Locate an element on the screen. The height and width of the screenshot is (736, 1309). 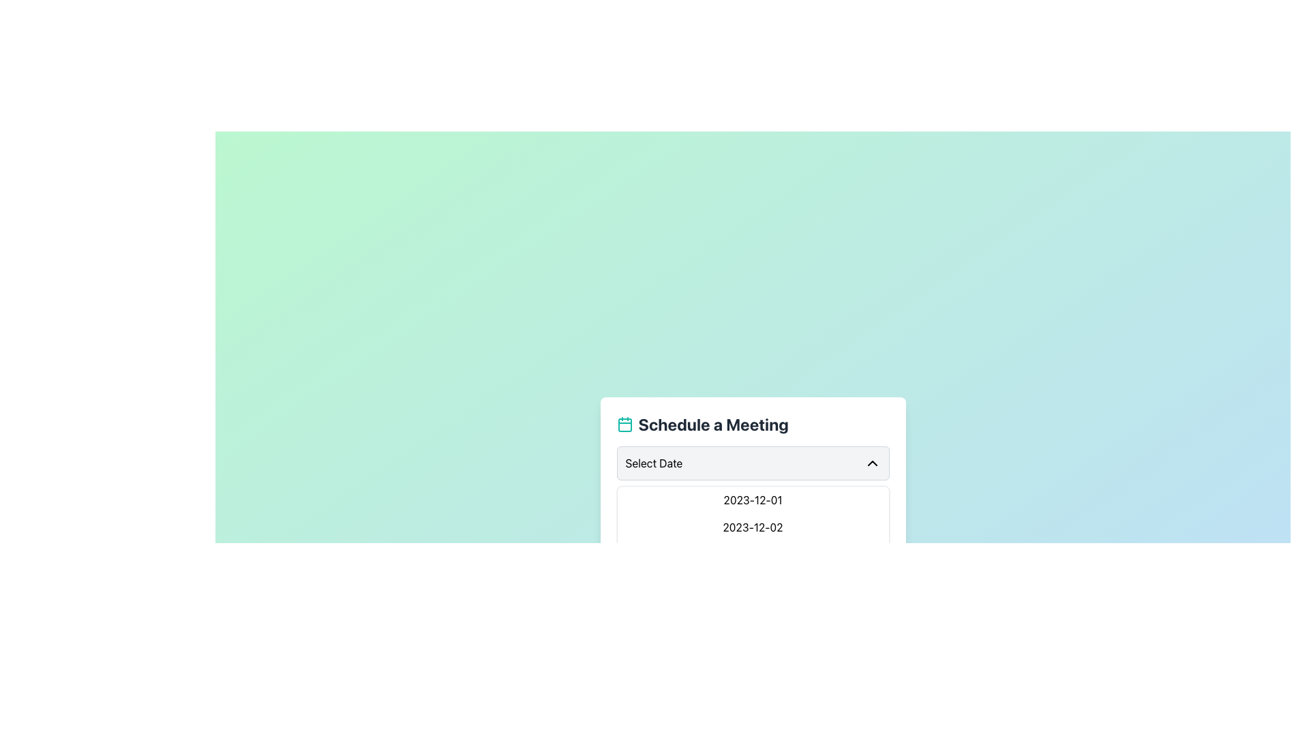
the selectable list item displaying the date '2023-12-01' is located at coordinates (752, 500).